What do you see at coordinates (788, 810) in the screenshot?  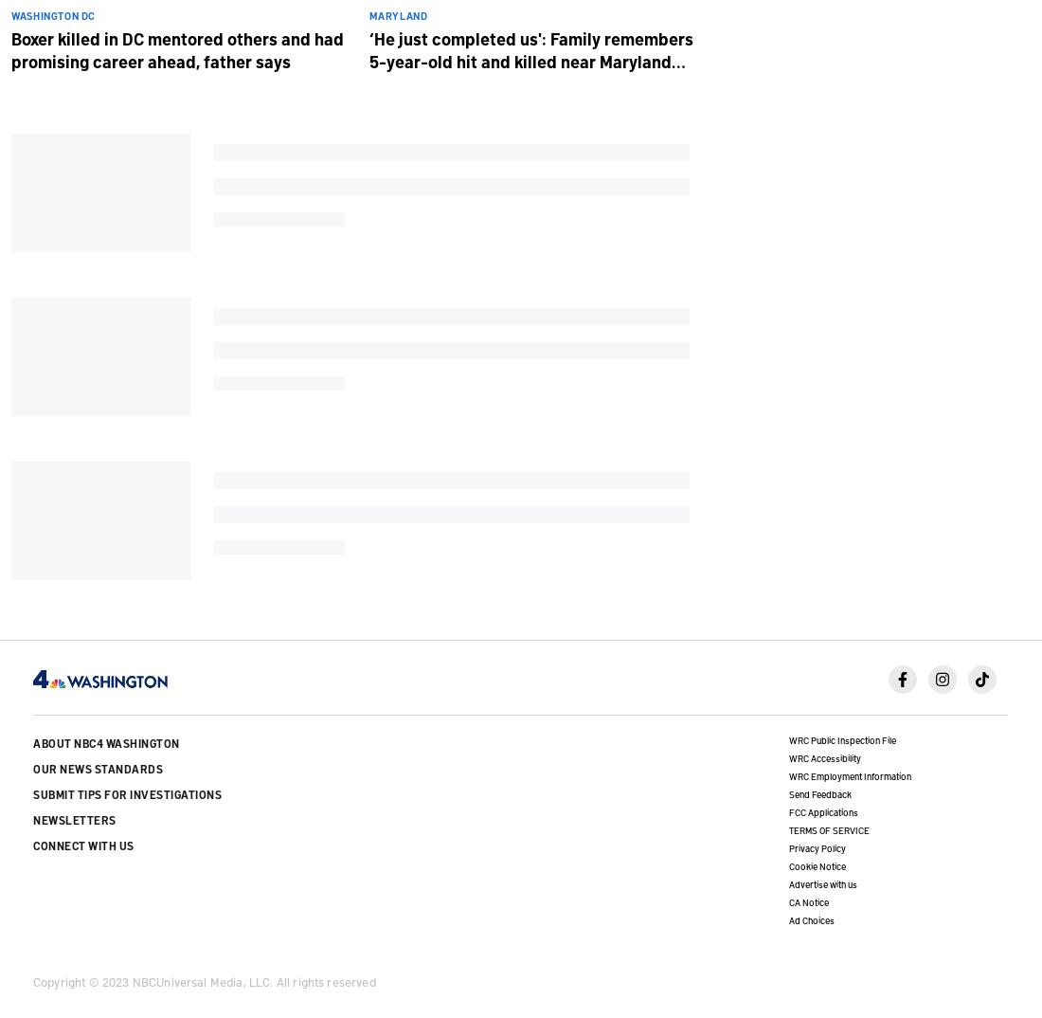 I see `'FCC Applications'` at bounding box center [788, 810].